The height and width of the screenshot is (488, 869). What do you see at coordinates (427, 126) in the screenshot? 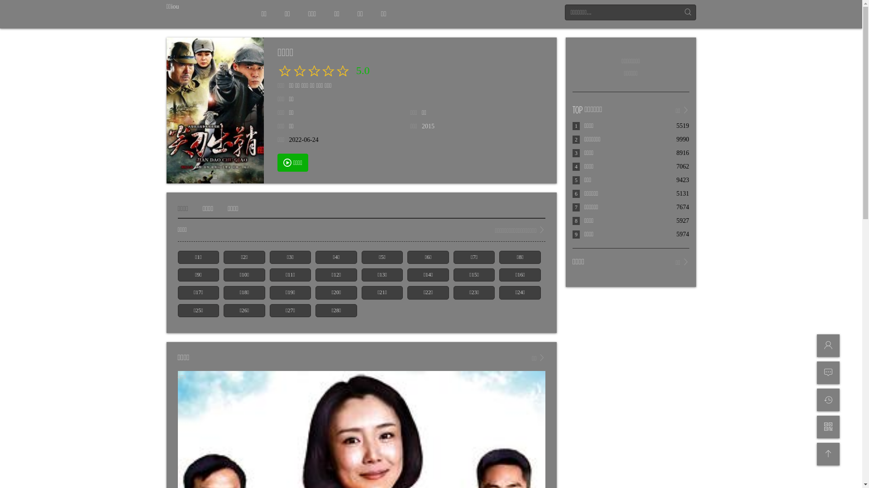
I see `'2015'` at bounding box center [427, 126].